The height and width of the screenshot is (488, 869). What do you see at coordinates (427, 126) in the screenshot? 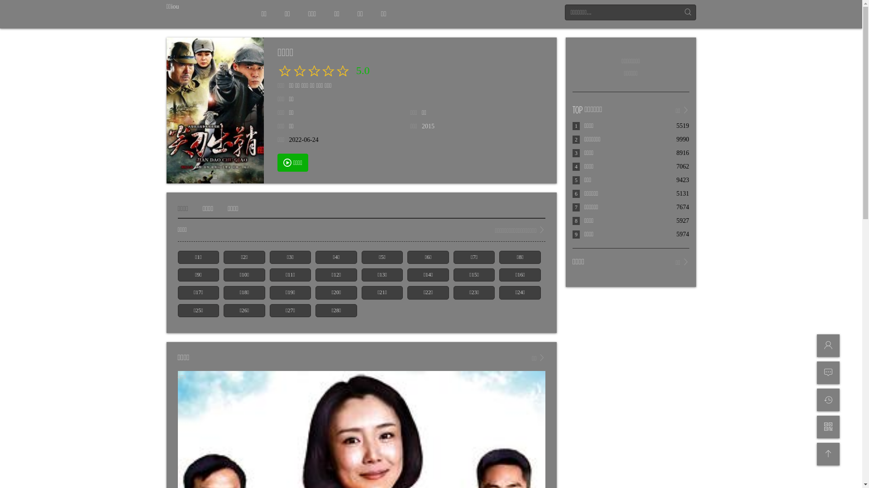
I see `'2015'` at bounding box center [427, 126].